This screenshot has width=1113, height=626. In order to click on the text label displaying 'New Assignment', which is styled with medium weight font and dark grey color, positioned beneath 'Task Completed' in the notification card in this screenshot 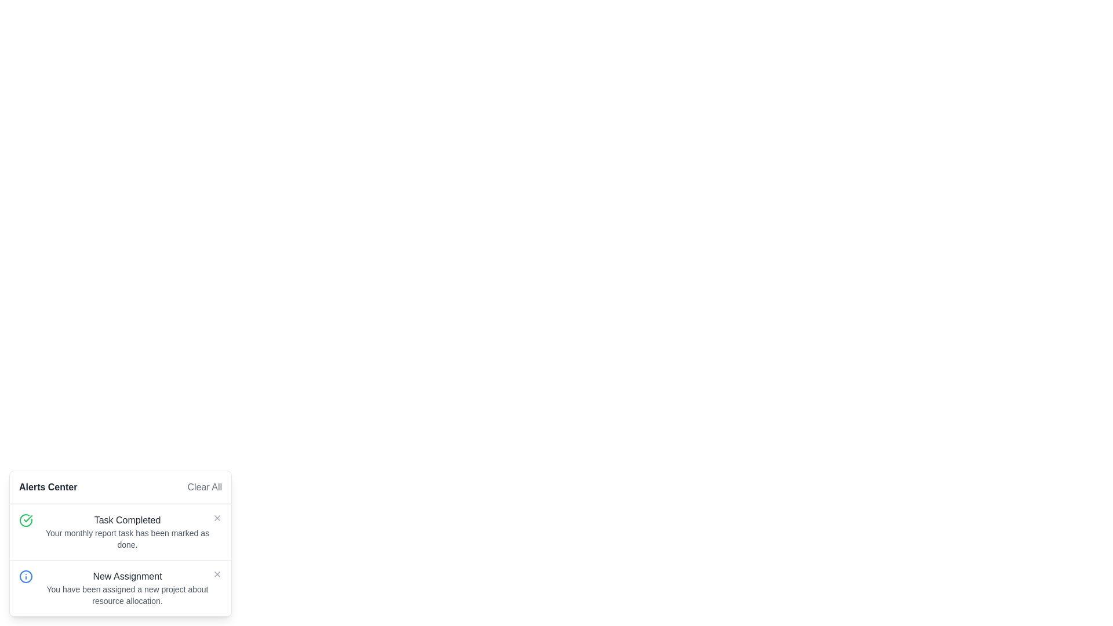, I will do `click(128, 577)`.